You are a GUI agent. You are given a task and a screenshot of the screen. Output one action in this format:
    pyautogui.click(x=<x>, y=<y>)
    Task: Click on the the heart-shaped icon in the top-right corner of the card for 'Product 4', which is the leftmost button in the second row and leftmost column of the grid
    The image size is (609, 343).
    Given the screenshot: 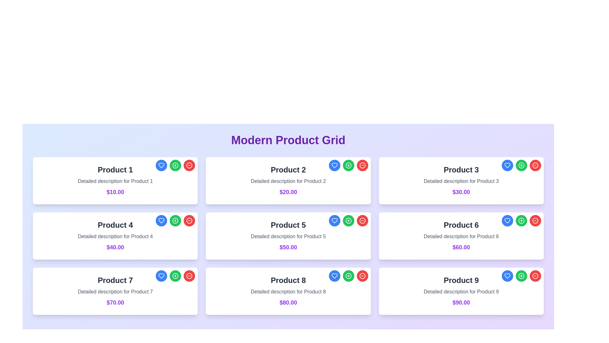 What is the action you would take?
    pyautogui.click(x=161, y=165)
    